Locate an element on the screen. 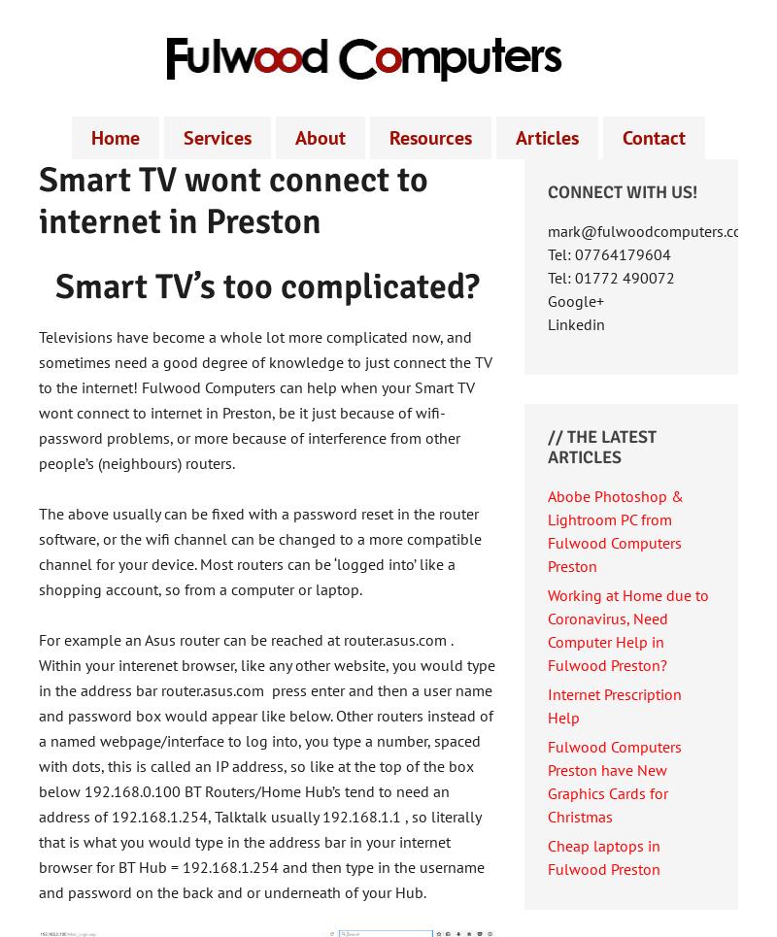 The height and width of the screenshot is (937, 777). 'Televisions have become a whole lot more complicated now, and sometimes need a good degree of knowledge to just connect the TV to the internet! Fulwood Computers can help when your Smart TV wont connect to internet in Preston, be it just because of wifi-password problems, or more because of interference from other people’s (neighbours) routers.' is located at coordinates (265, 398).